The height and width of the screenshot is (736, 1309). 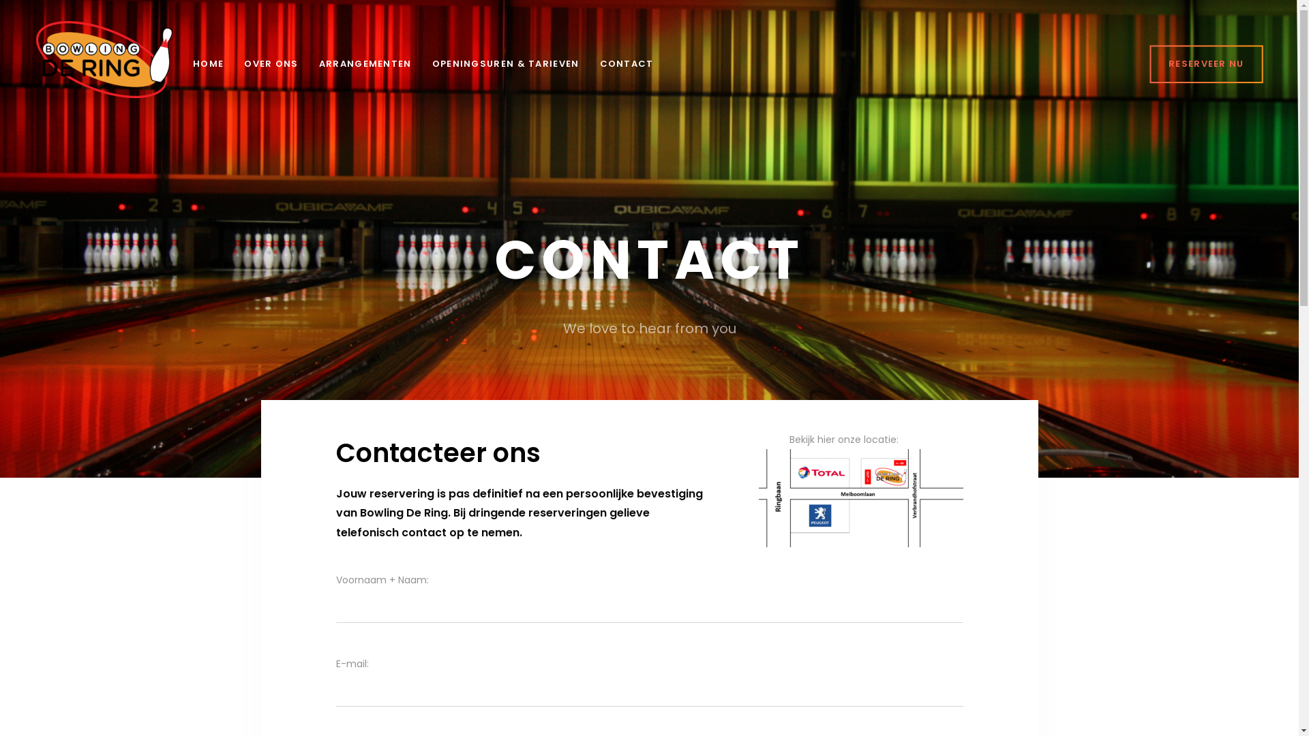 I want to click on 'HOME', so click(x=207, y=64).